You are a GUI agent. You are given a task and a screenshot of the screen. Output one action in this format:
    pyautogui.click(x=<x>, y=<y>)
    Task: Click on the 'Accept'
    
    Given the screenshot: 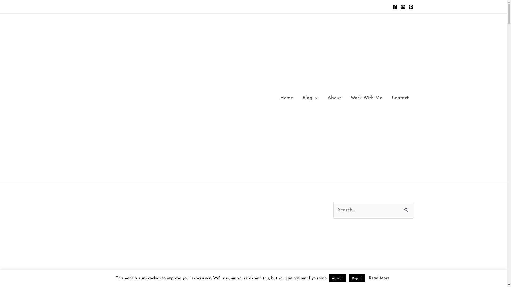 What is the action you would take?
    pyautogui.click(x=337, y=278)
    